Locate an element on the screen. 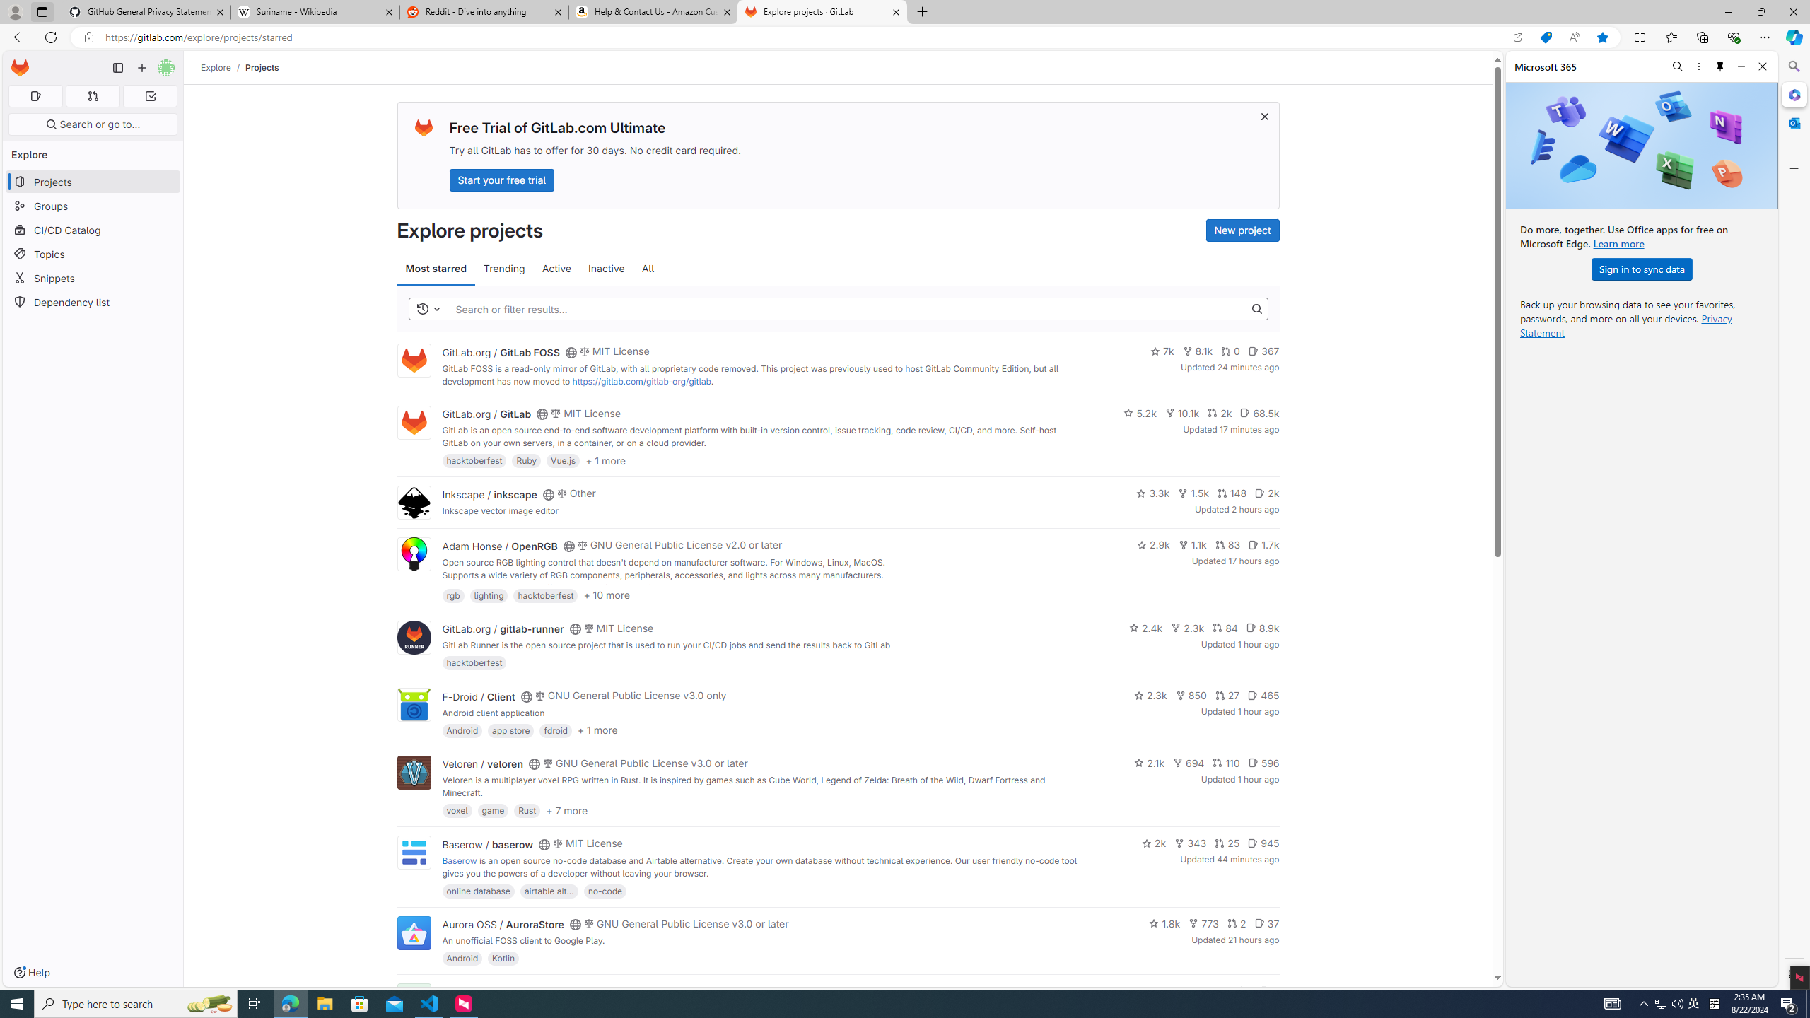 The image size is (1810, 1018). 'Primary navigation sidebar' is located at coordinates (117, 67).